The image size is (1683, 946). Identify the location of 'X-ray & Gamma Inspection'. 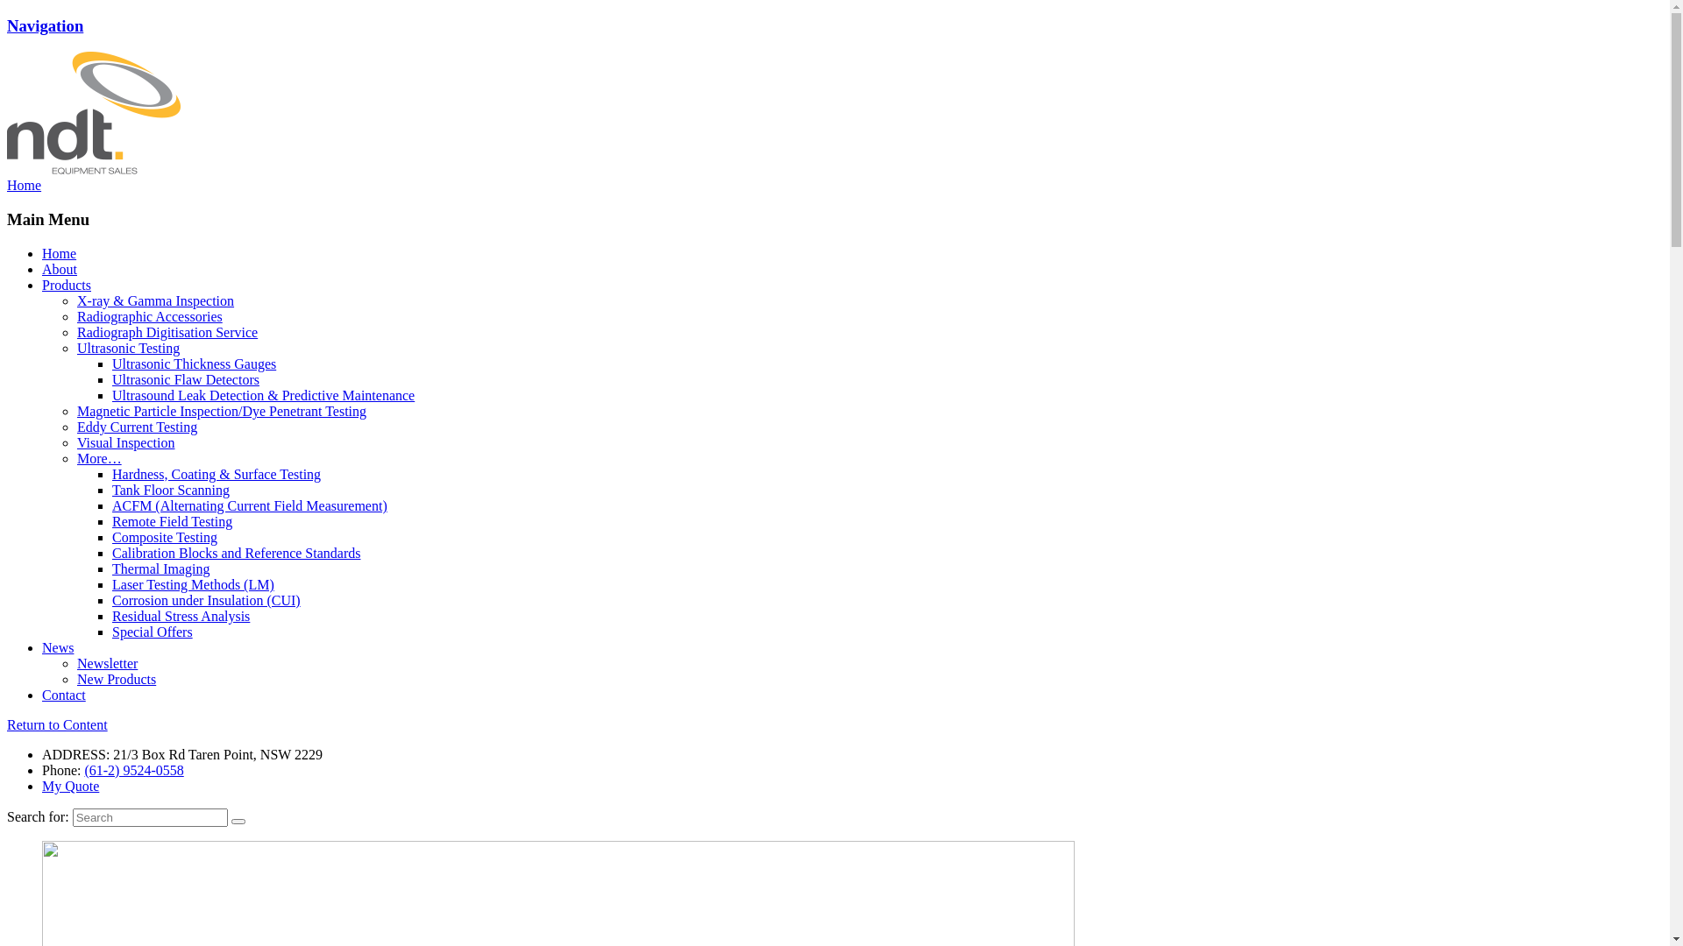
(155, 300).